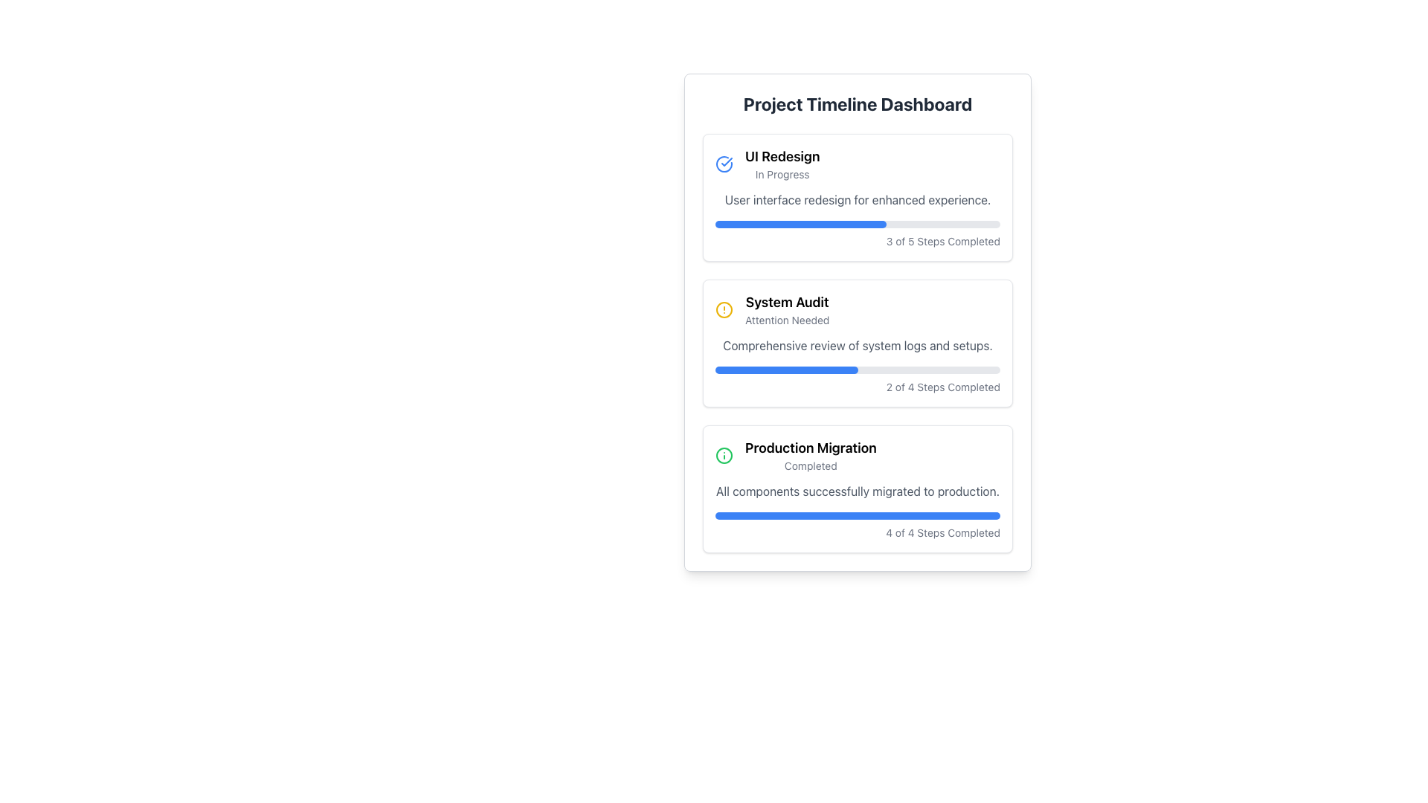 This screenshot has width=1428, height=803. What do you see at coordinates (724, 309) in the screenshot?
I see `the yellow circular icon with an exclamation mark, located to the left of 'System Audit' in the second section of the 'Project Timeline Dashboard'` at bounding box center [724, 309].